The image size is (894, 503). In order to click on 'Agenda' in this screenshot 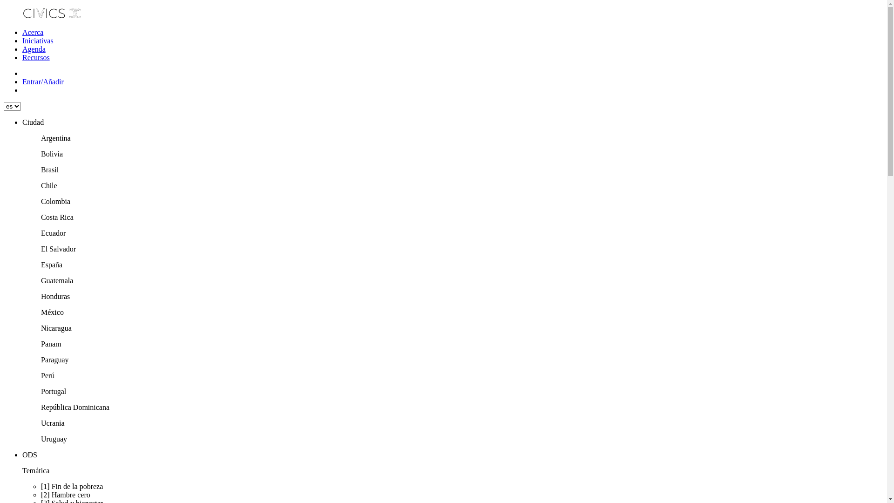, I will do `click(34, 49)`.